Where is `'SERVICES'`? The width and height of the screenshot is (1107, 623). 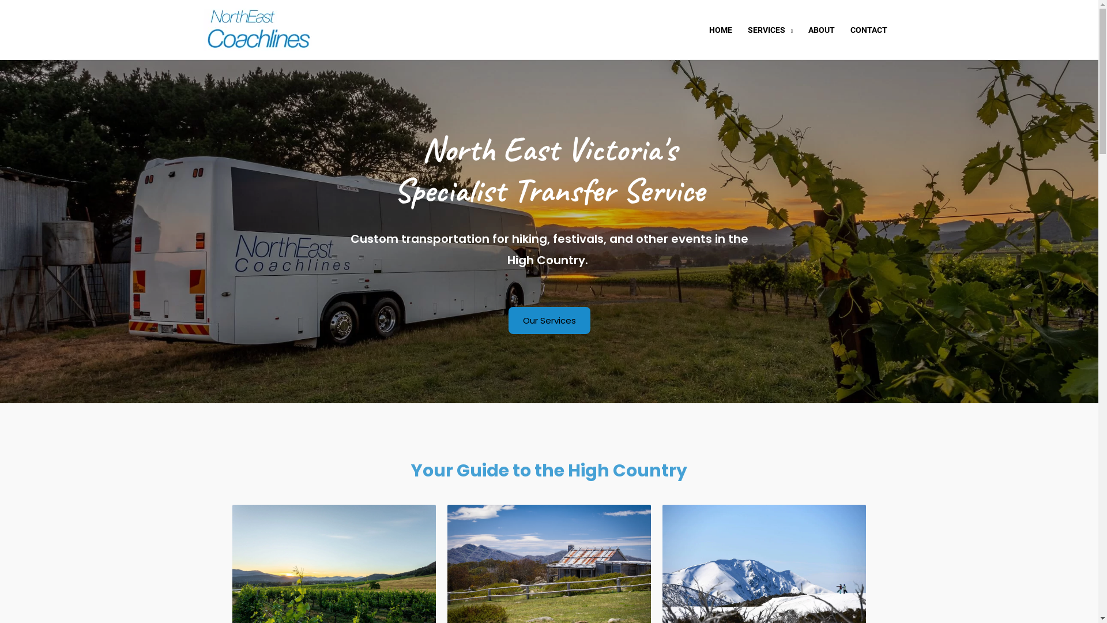 'SERVICES' is located at coordinates (770, 28).